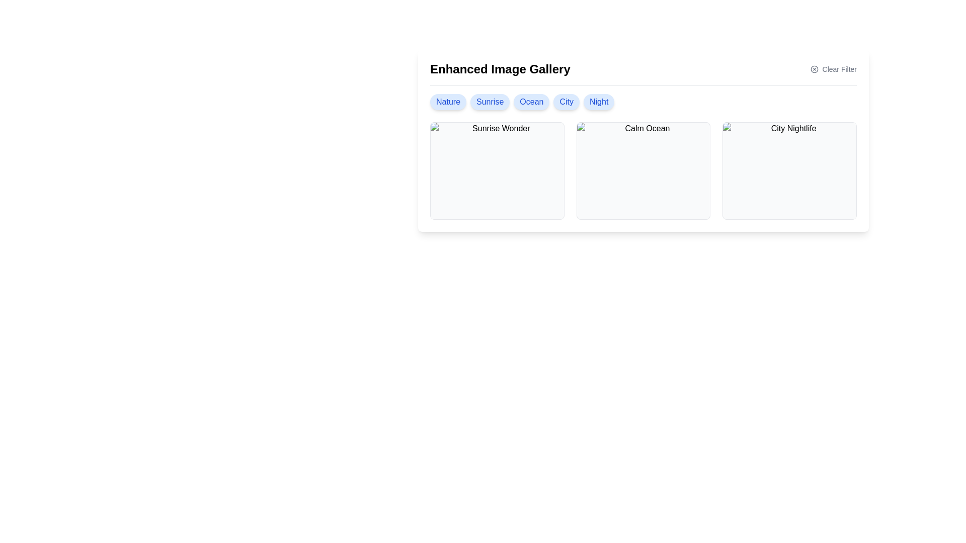 The width and height of the screenshot is (966, 543). What do you see at coordinates (789, 170) in the screenshot?
I see `the third card element` at bounding box center [789, 170].